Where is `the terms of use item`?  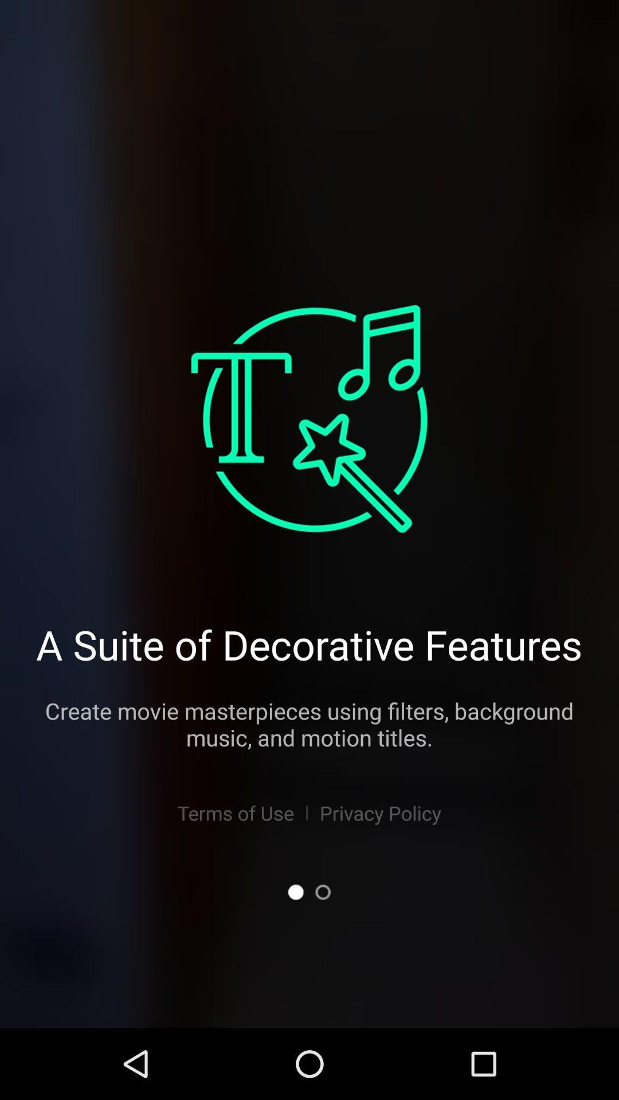 the terms of use item is located at coordinates (235, 812).